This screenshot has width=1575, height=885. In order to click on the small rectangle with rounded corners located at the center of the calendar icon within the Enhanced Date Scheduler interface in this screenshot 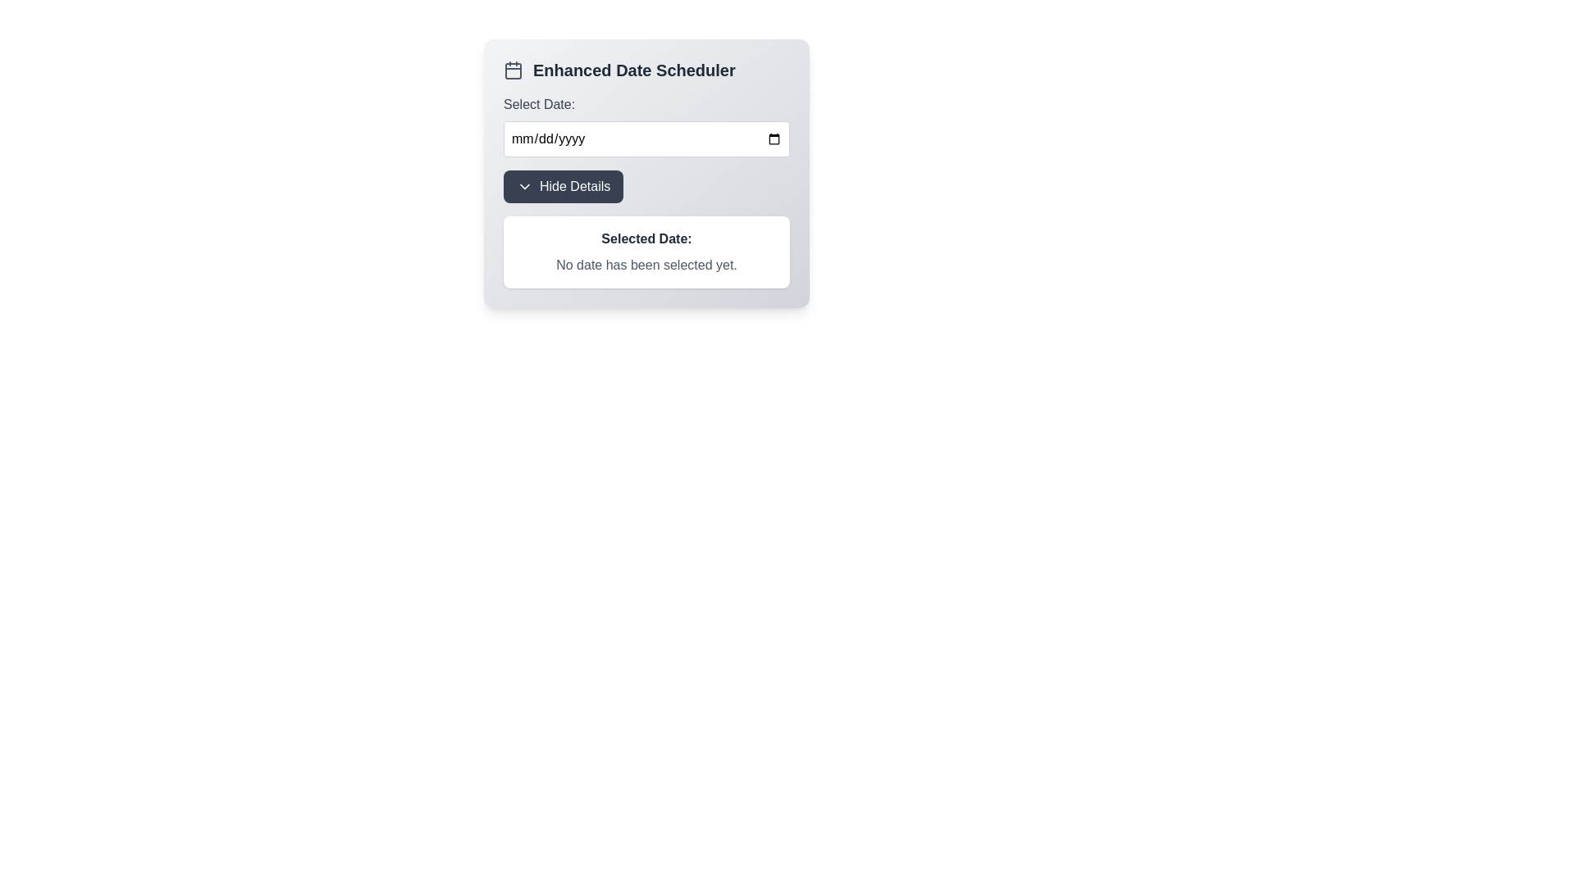, I will do `click(512, 70)`.